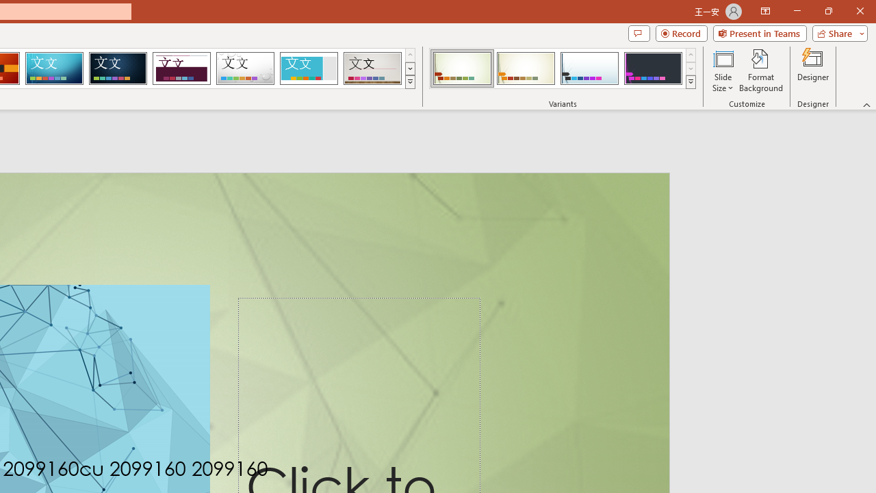  I want to click on 'AutomationID: ThemeVariantsGallery', so click(563, 68).